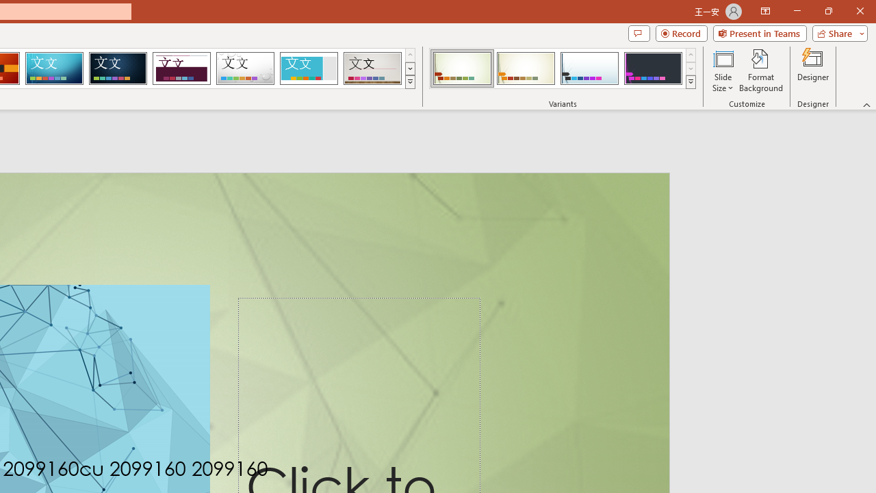  I want to click on 'AutomationID: ThemeVariantsGallery', so click(563, 68).